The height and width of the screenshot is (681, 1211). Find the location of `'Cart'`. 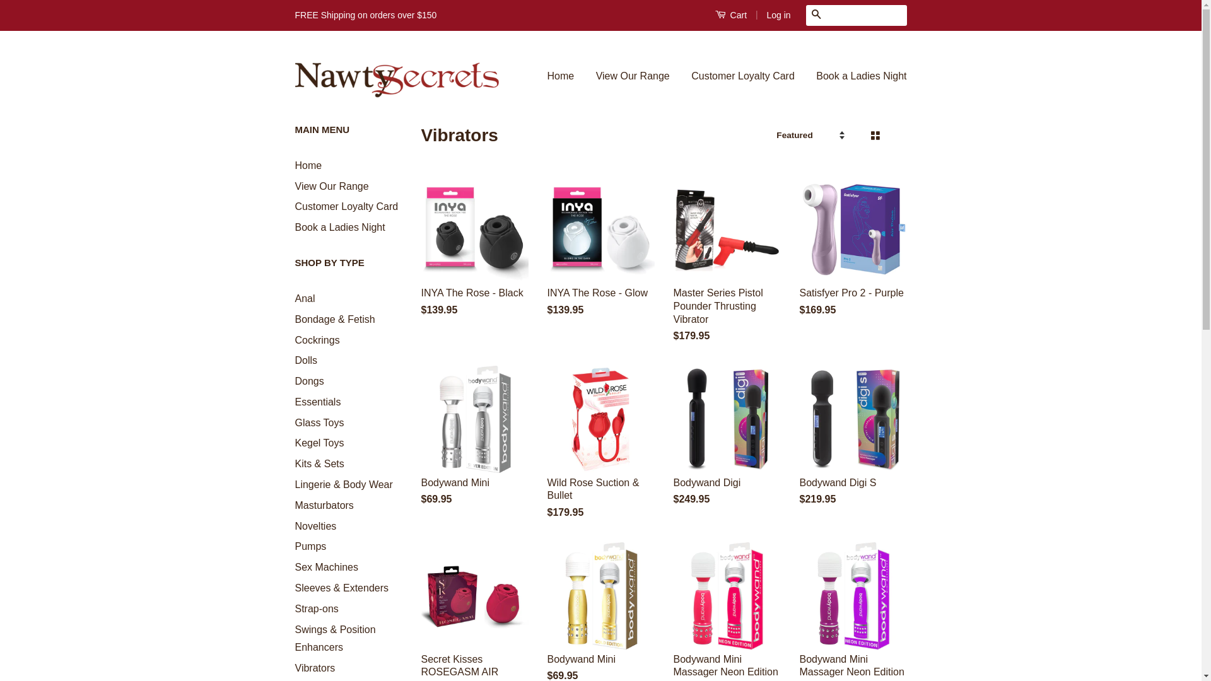

'Cart' is located at coordinates (730, 15).